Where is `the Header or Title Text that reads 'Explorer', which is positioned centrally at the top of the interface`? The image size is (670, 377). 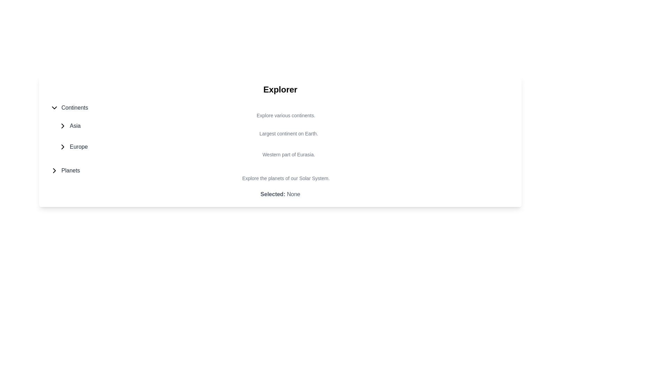
the Header or Title Text that reads 'Explorer', which is positioned centrally at the top of the interface is located at coordinates (280, 89).